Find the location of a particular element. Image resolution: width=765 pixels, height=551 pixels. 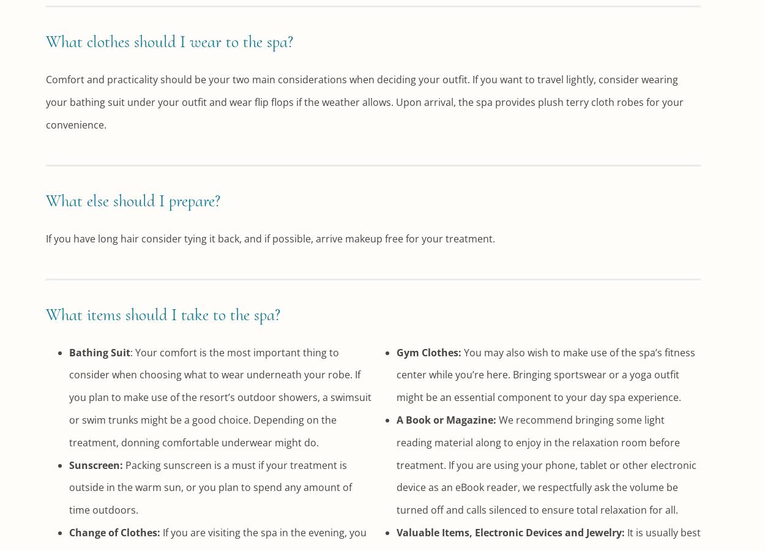

'Sunscreen:' is located at coordinates (95, 463).